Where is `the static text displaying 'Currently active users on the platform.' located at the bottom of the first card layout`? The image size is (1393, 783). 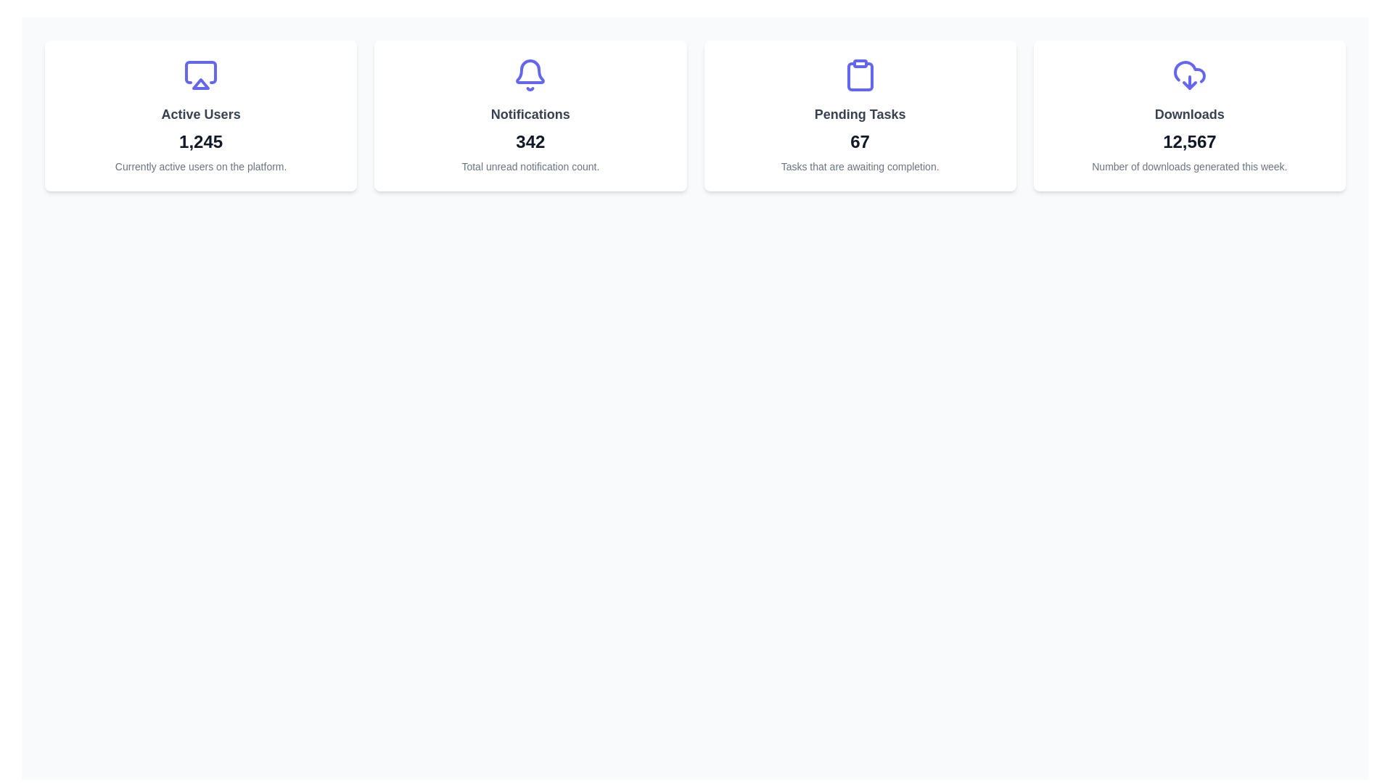
the static text displaying 'Currently active users on the platform.' located at the bottom of the first card layout is located at coordinates (200, 166).